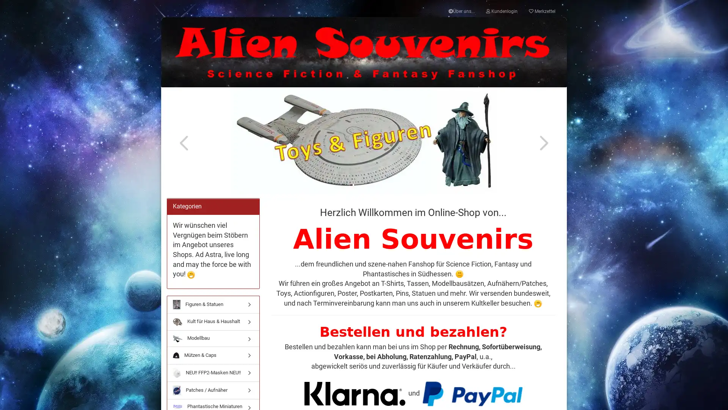 The width and height of the screenshot is (728, 410). Describe the element at coordinates (460, 98) in the screenshot. I see `Anmelden` at that location.